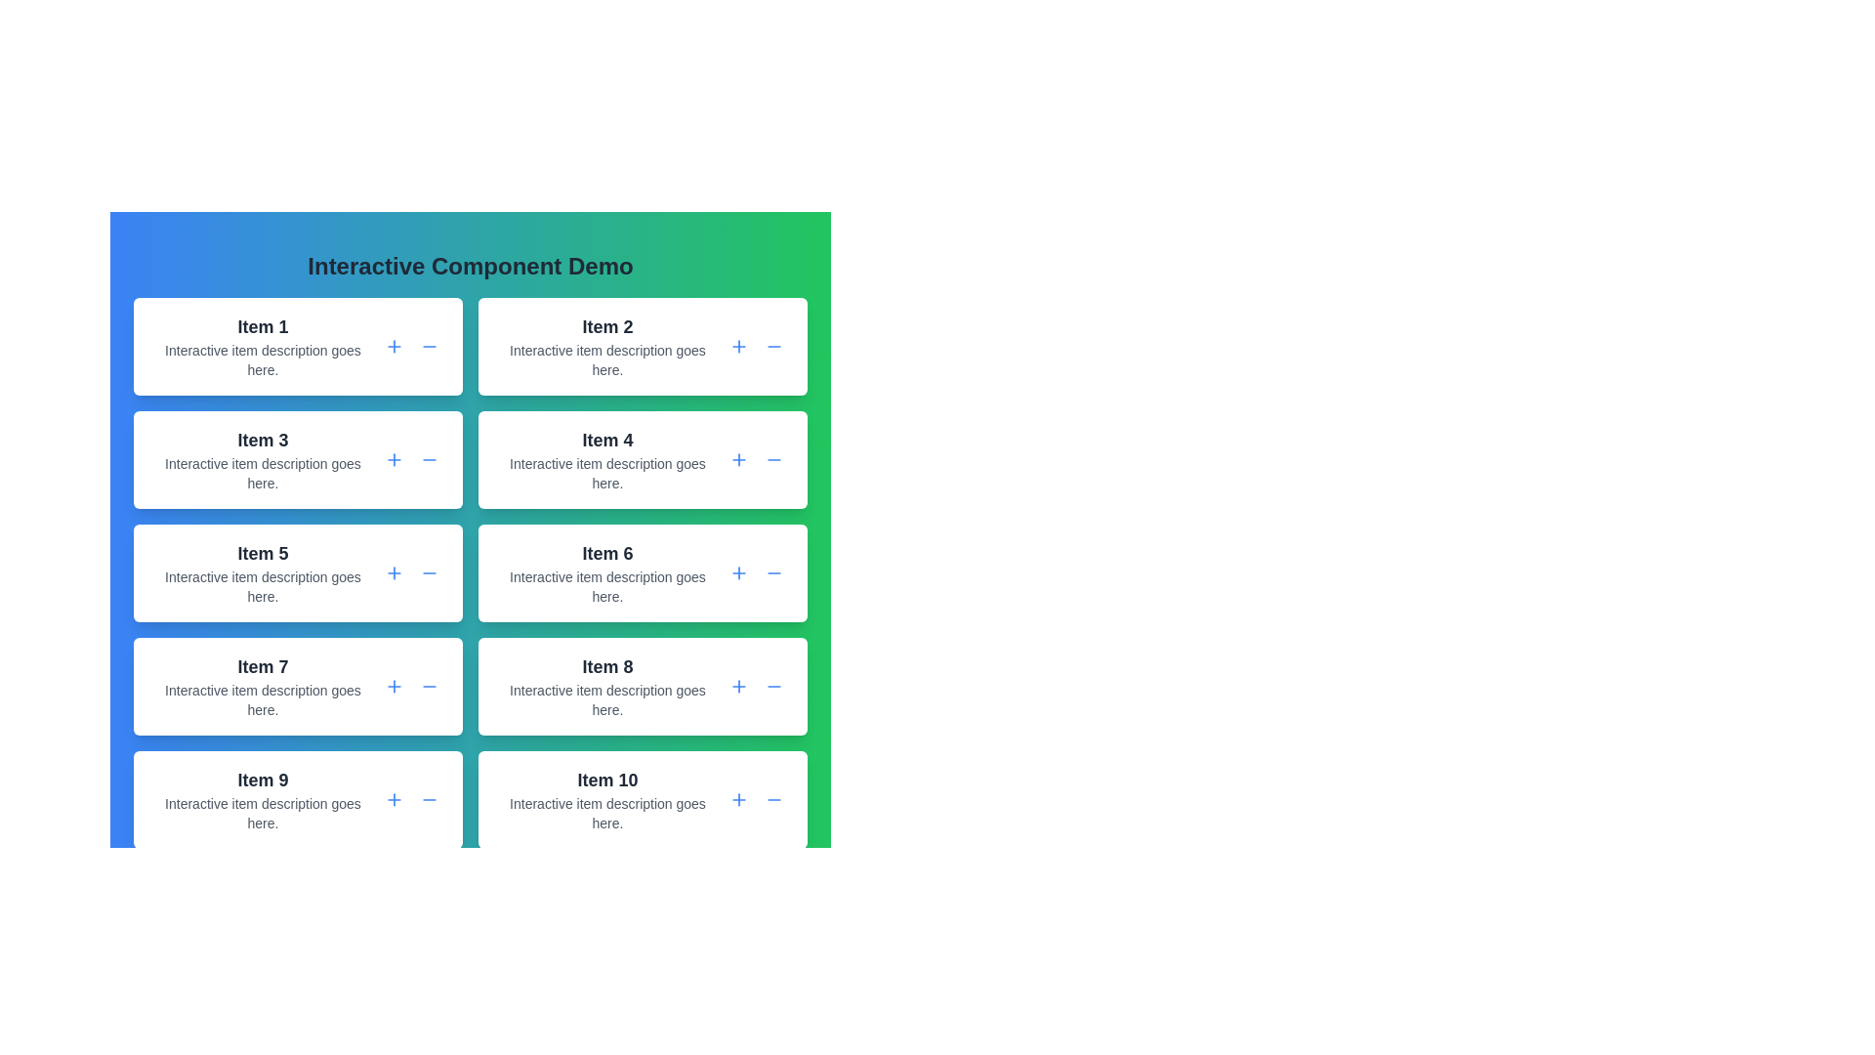 The image size is (1875, 1055). I want to click on the Icon button located on the right side of the row for 'Item 9', adjacent to the plus sign icon, which is used to decrement the value associated with that item, so click(429, 799).